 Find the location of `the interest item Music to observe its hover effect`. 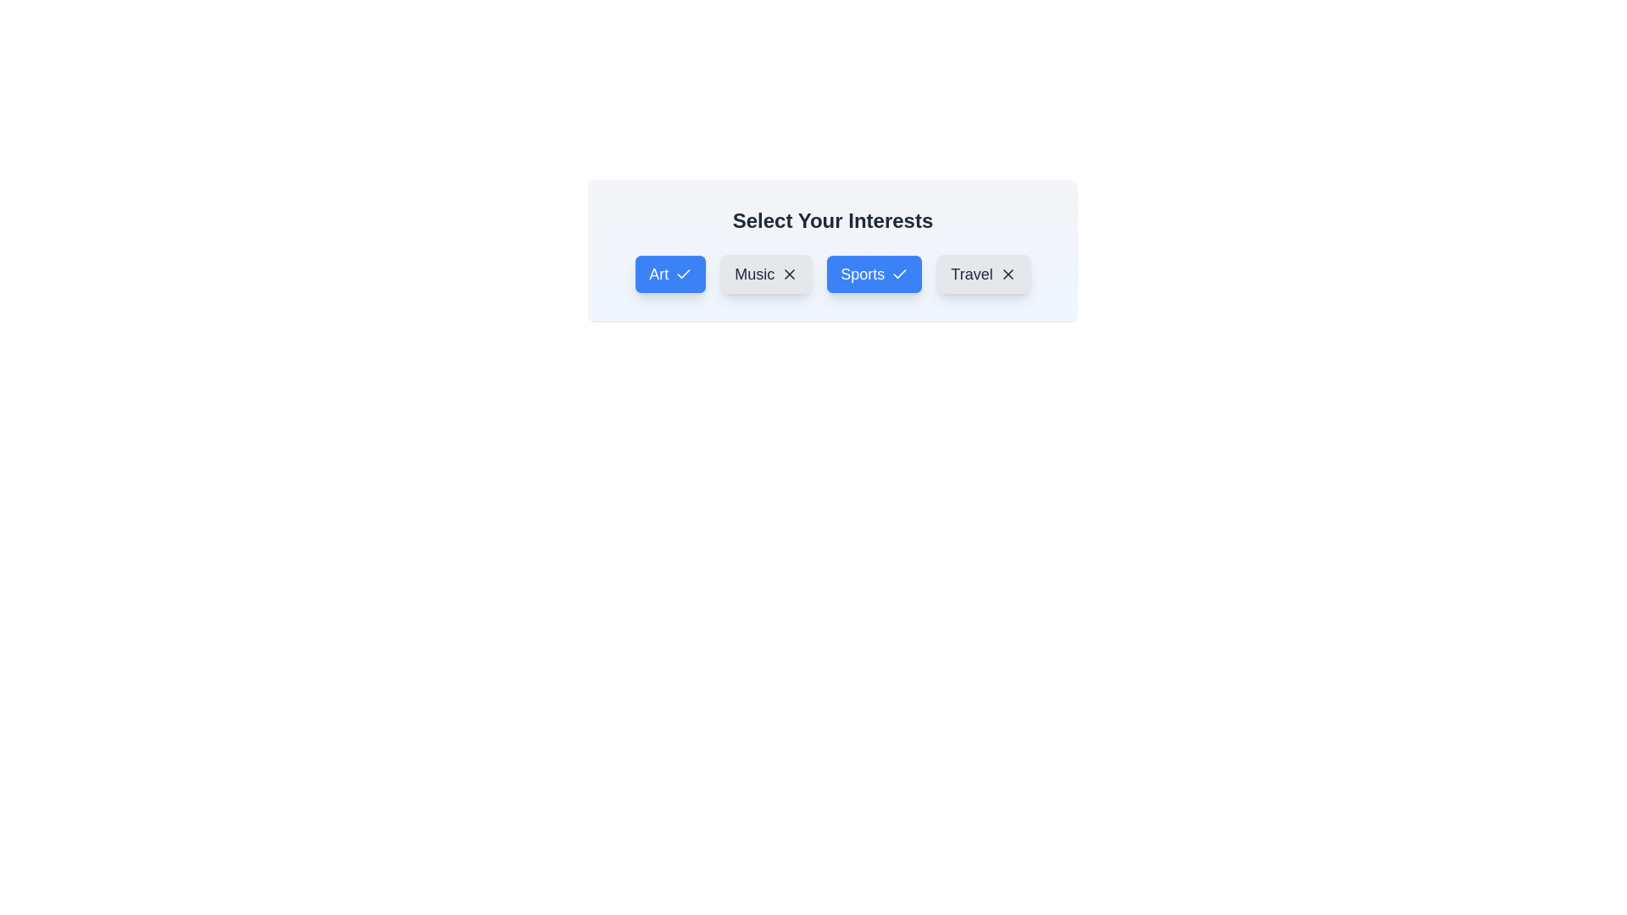

the interest item Music to observe its hover effect is located at coordinates (764, 274).